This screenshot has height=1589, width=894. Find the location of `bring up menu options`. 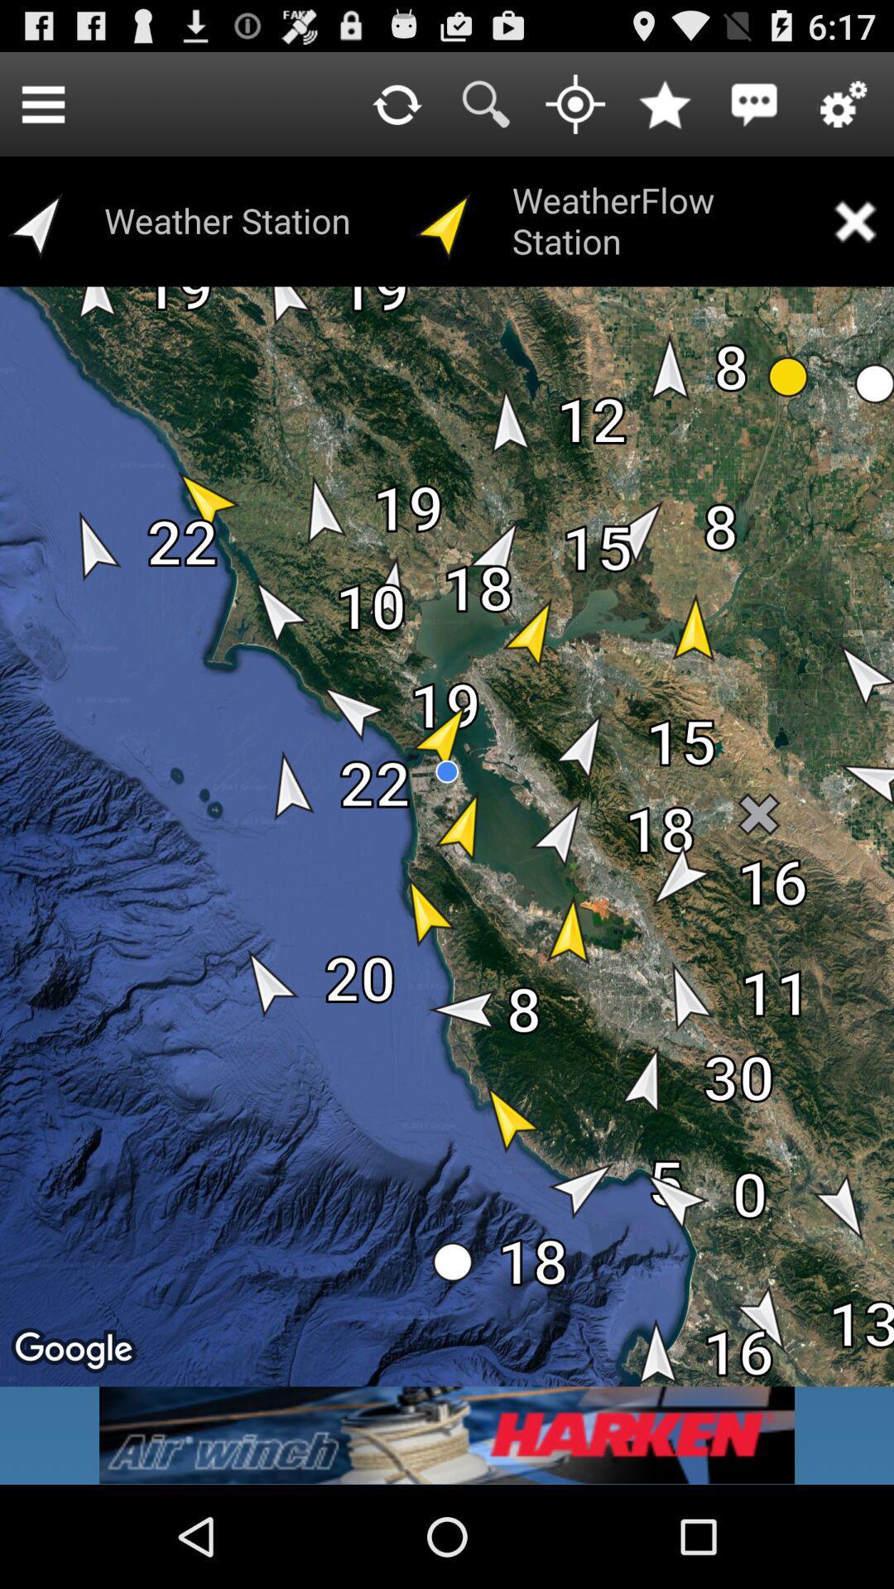

bring up menu options is located at coordinates (42, 103).